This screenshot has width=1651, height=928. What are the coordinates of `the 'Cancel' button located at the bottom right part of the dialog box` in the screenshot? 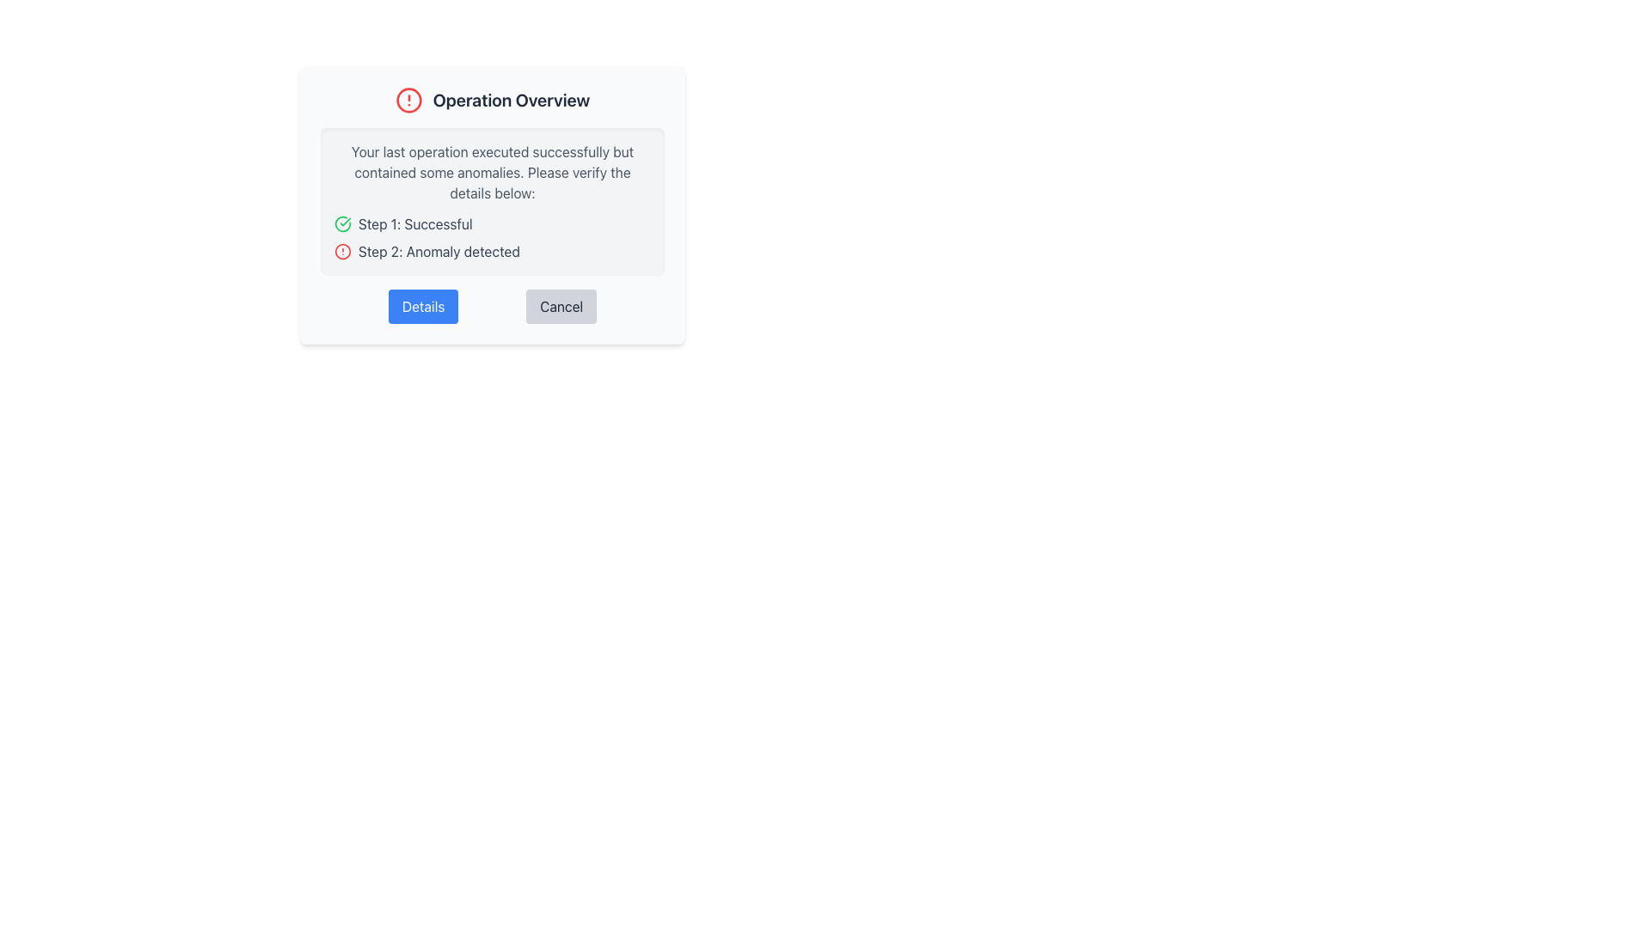 It's located at (562, 306).